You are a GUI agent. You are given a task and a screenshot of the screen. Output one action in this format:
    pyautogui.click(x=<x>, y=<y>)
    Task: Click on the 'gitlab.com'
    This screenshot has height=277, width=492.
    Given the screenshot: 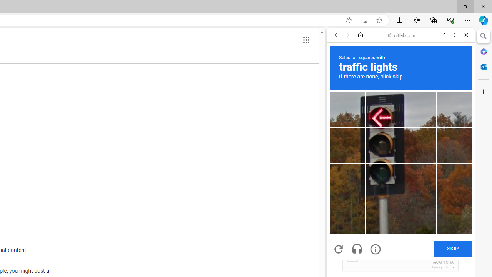 What is the action you would take?
    pyautogui.click(x=401, y=35)
    